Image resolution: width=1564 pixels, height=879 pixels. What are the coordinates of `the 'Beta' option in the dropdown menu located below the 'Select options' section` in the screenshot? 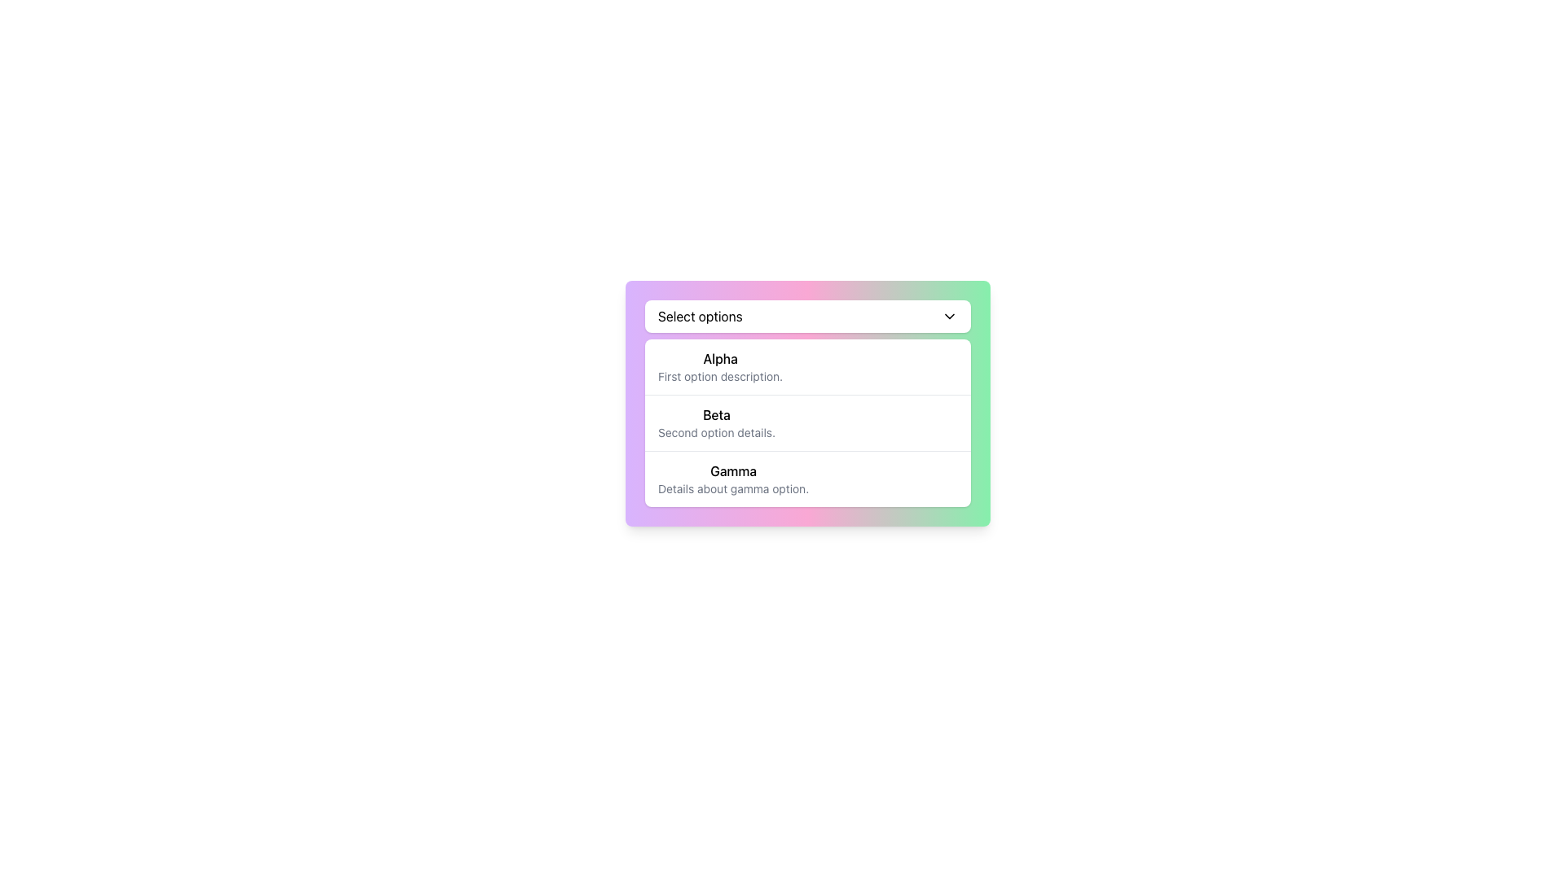 It's located at (808, 422).